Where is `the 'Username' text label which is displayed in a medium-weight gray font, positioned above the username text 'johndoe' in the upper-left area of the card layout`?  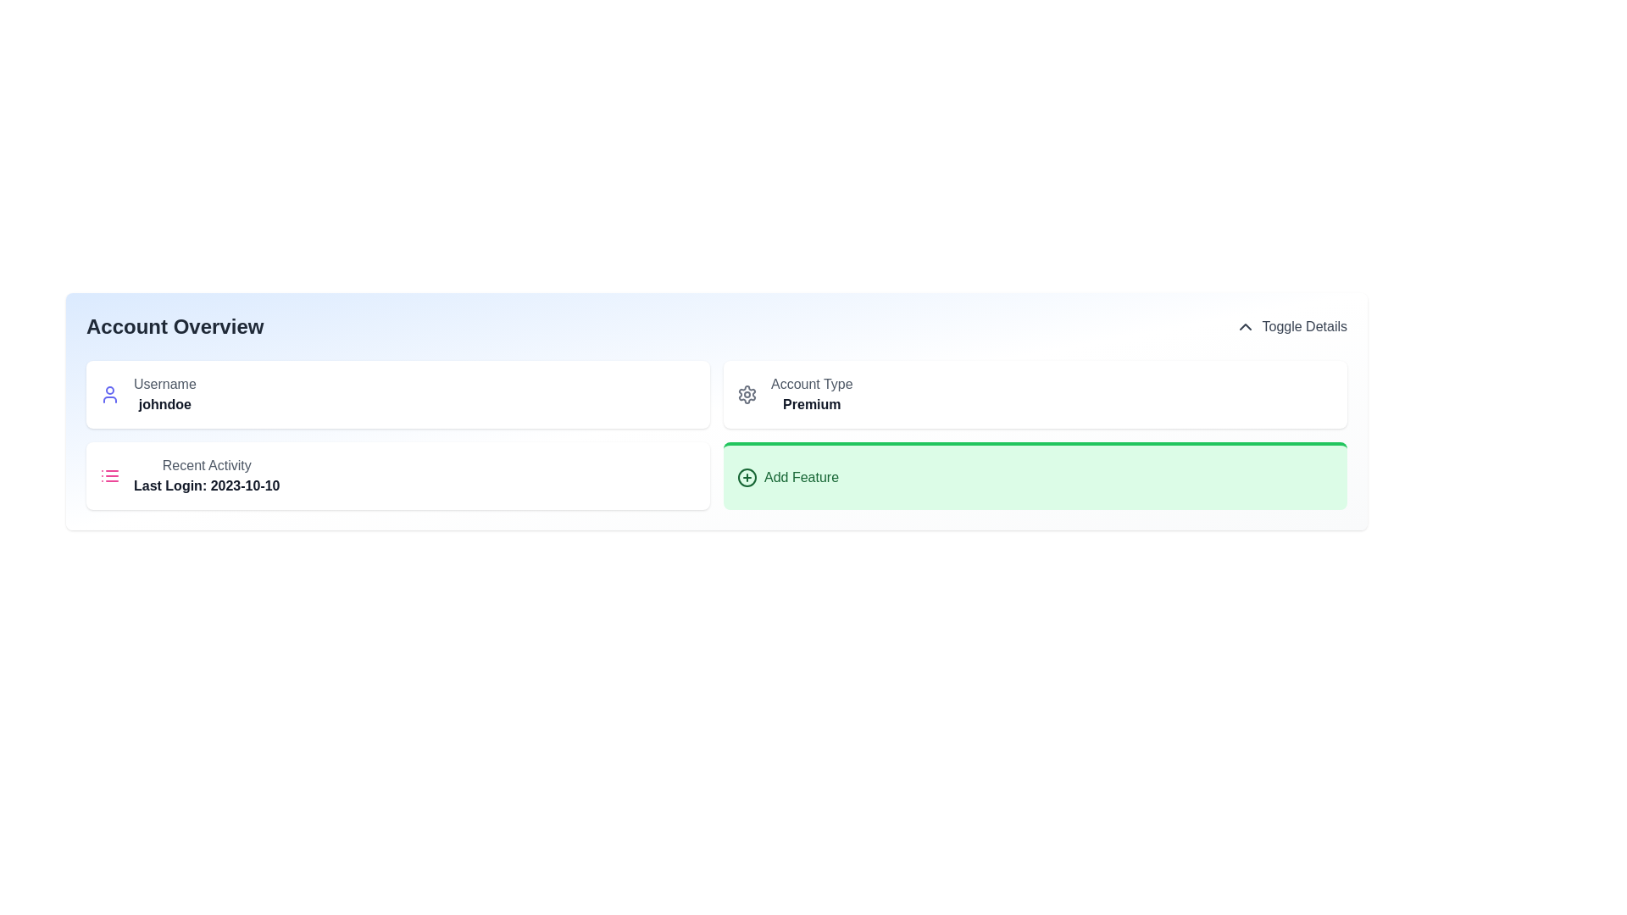
the 'Username' text label which is displayed in a medium-weight gray font, positioned above the username text 'johndoe' in the upper-left area of the card layout is located at coordinates (164, 385).